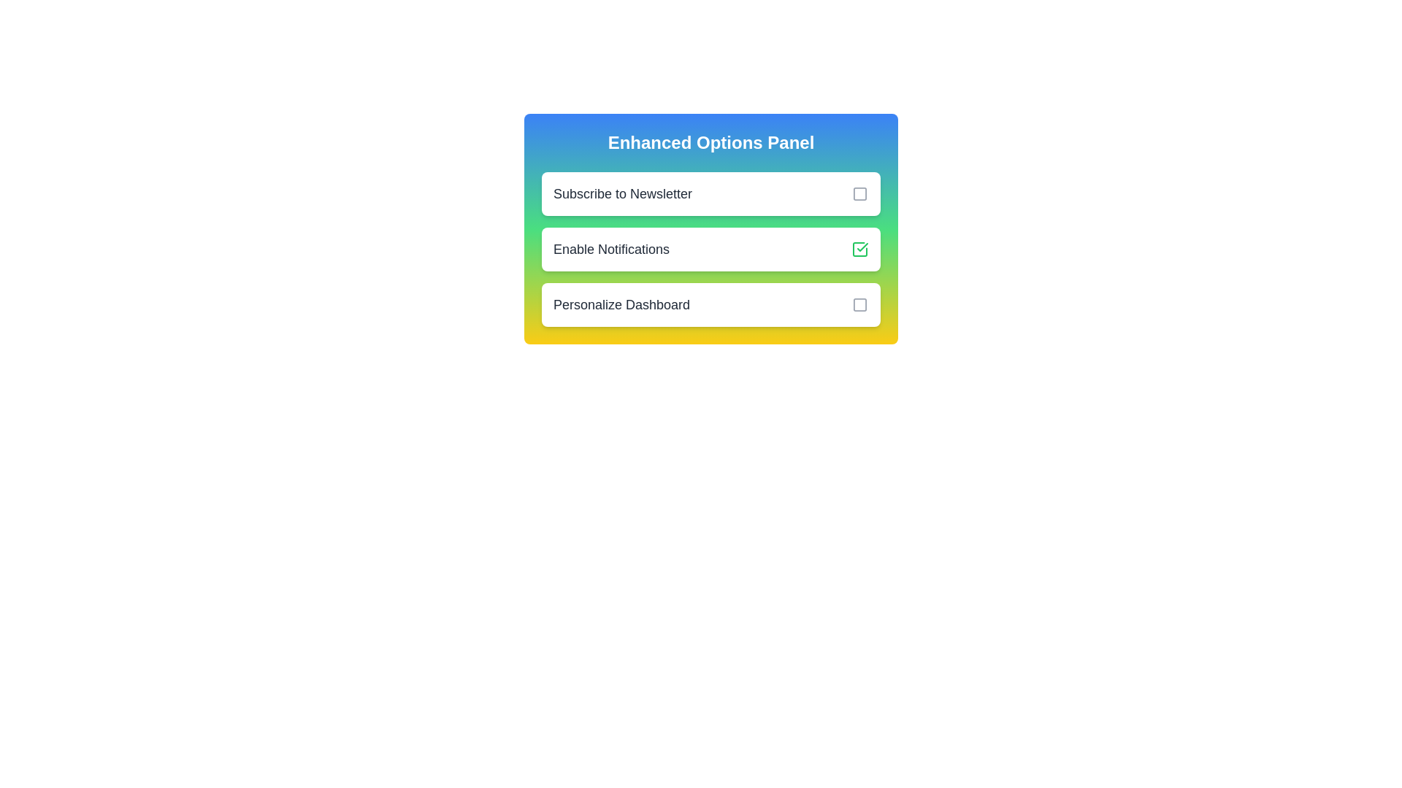 The image size is (1402, 788). Describe the element at coordinates (859, 304) in the screenshot. I see `the checkbox next to 'Personalize Dashboard' to toggle its state` at that location.